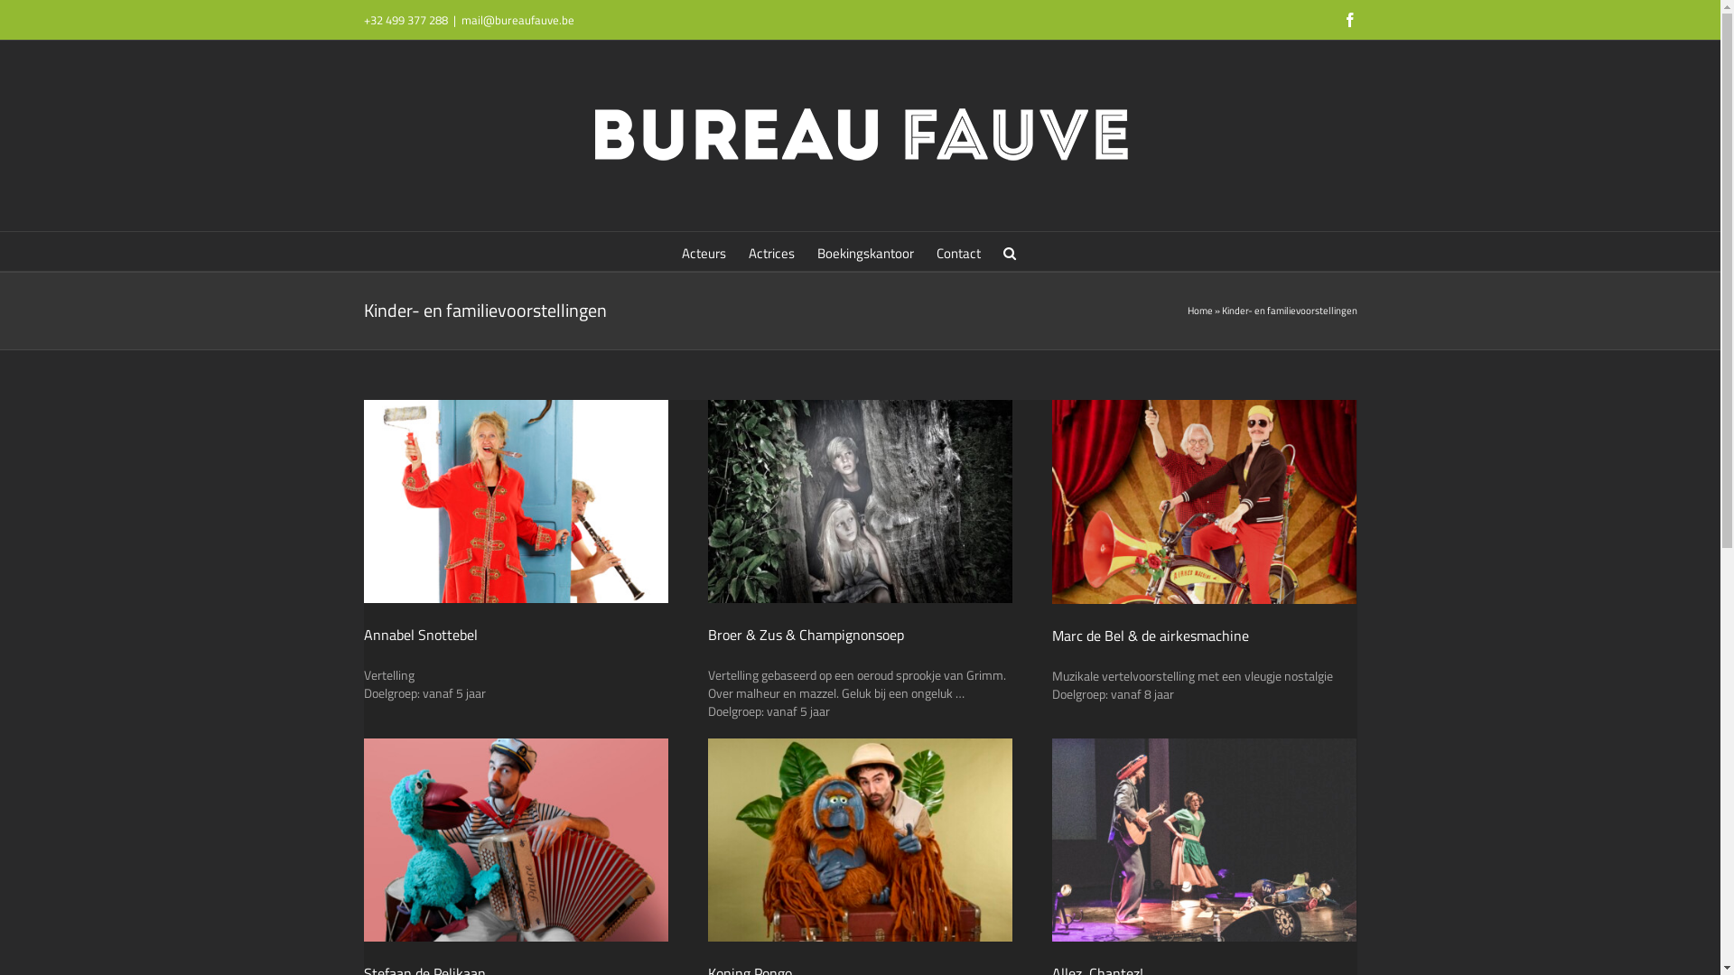 The width and height of the screenshot is (1734, 975). What do you see at coordinates (1187, 309) in the screenshot?
I see `'Home'` at bounding box center [1187, 309].